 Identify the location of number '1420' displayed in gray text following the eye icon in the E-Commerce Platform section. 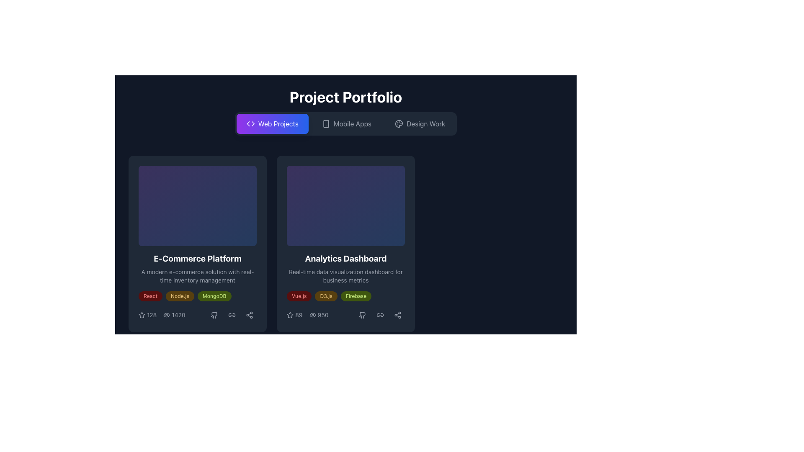
(162, 315).